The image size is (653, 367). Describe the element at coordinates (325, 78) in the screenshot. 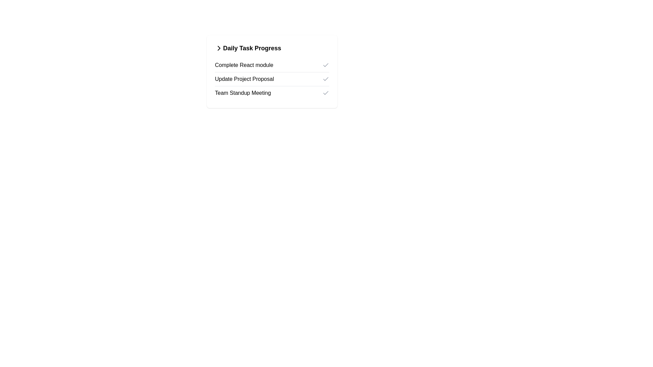

I see `the checkmark icon on the far-right side of the second item in the task list labeled 'Update Project Proposal' to mark it as completed` at that location.